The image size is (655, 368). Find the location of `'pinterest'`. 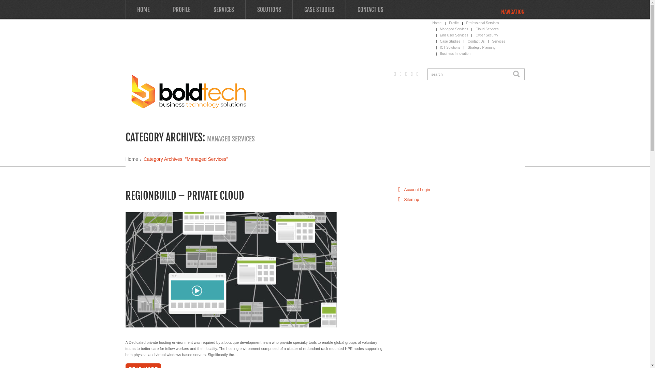

'pinterest' is located at coordinates (411, 74).